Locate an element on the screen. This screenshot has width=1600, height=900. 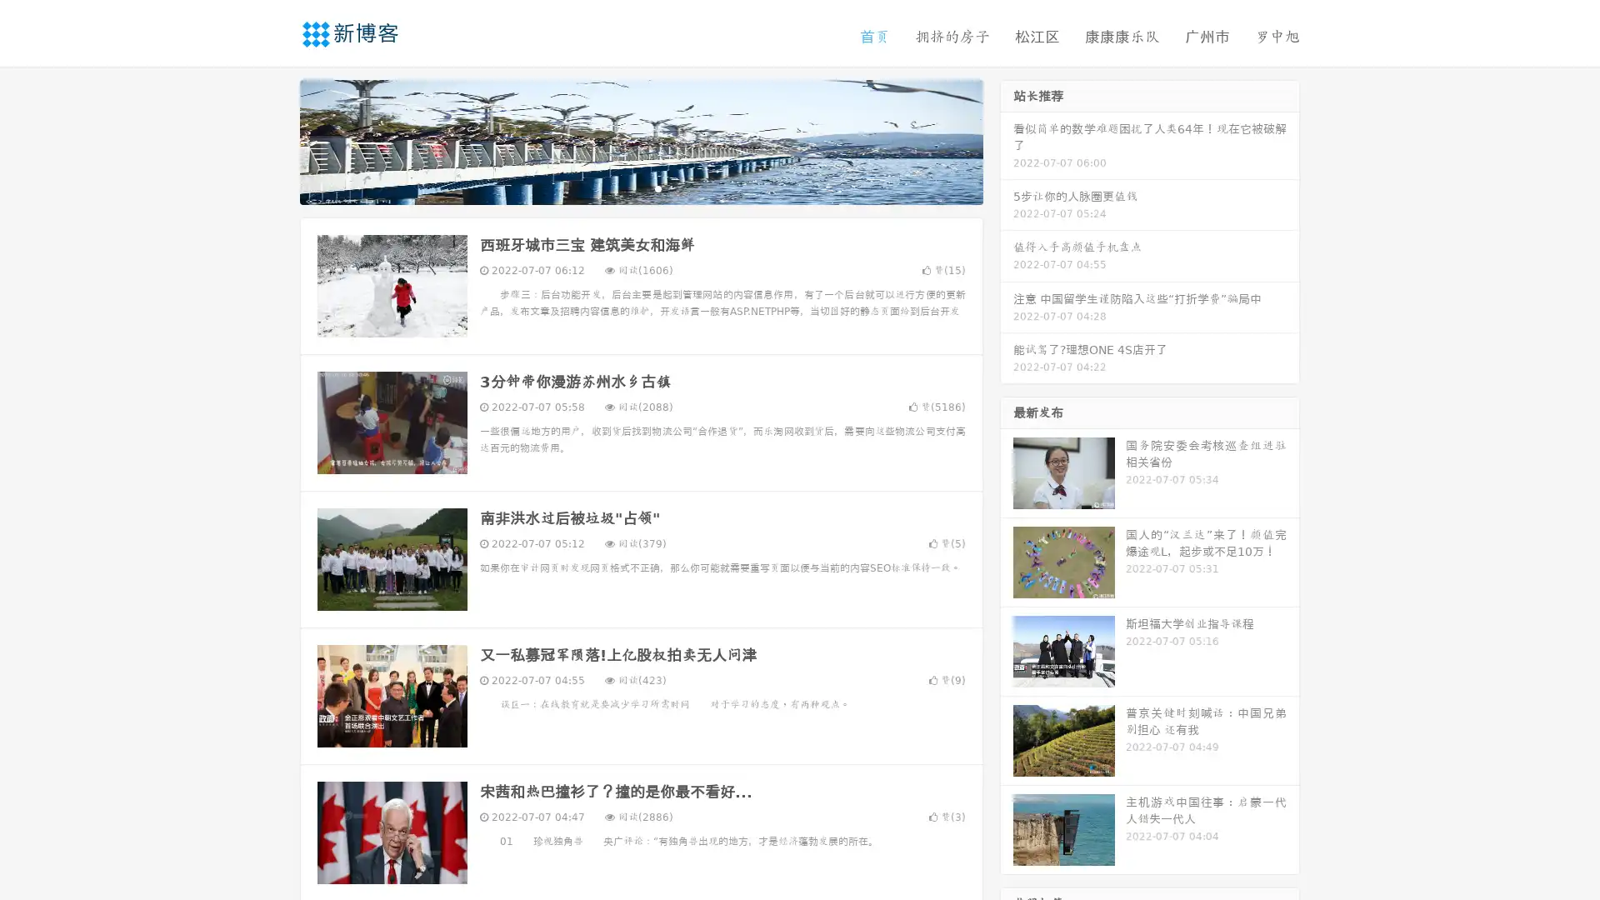
Go to slide 1 is located at coordinates (623, 187).